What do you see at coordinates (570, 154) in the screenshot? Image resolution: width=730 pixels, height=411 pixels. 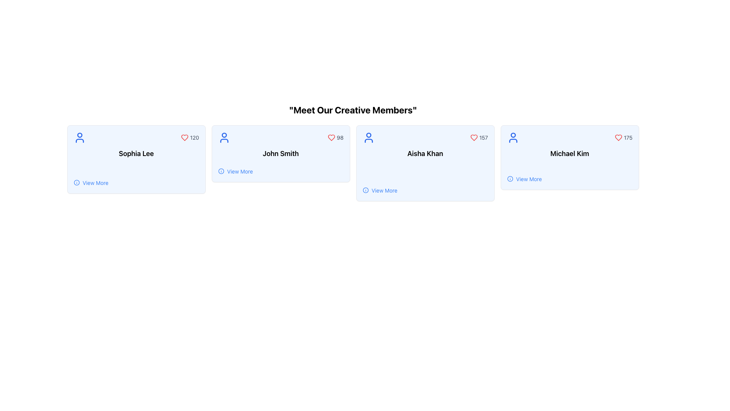 I see `the text label displaying the individual's name in the fourth profile card from the left` at bounding box center [570, 154].